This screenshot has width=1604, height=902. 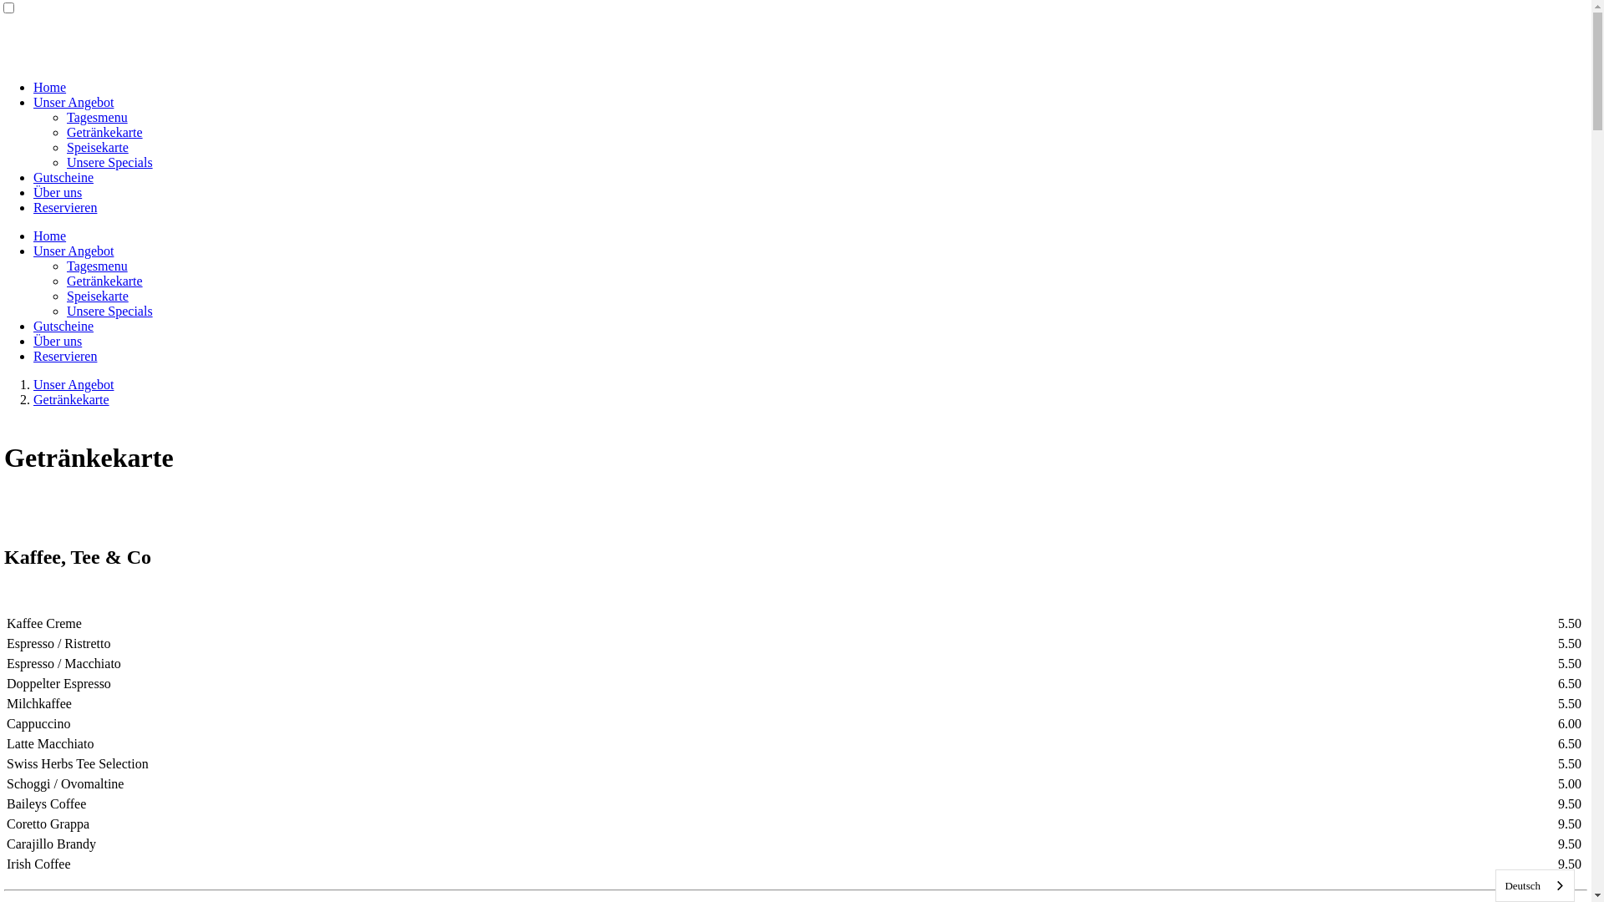 I want to click on 'Tagesmenu', so click(x=67, y=116).